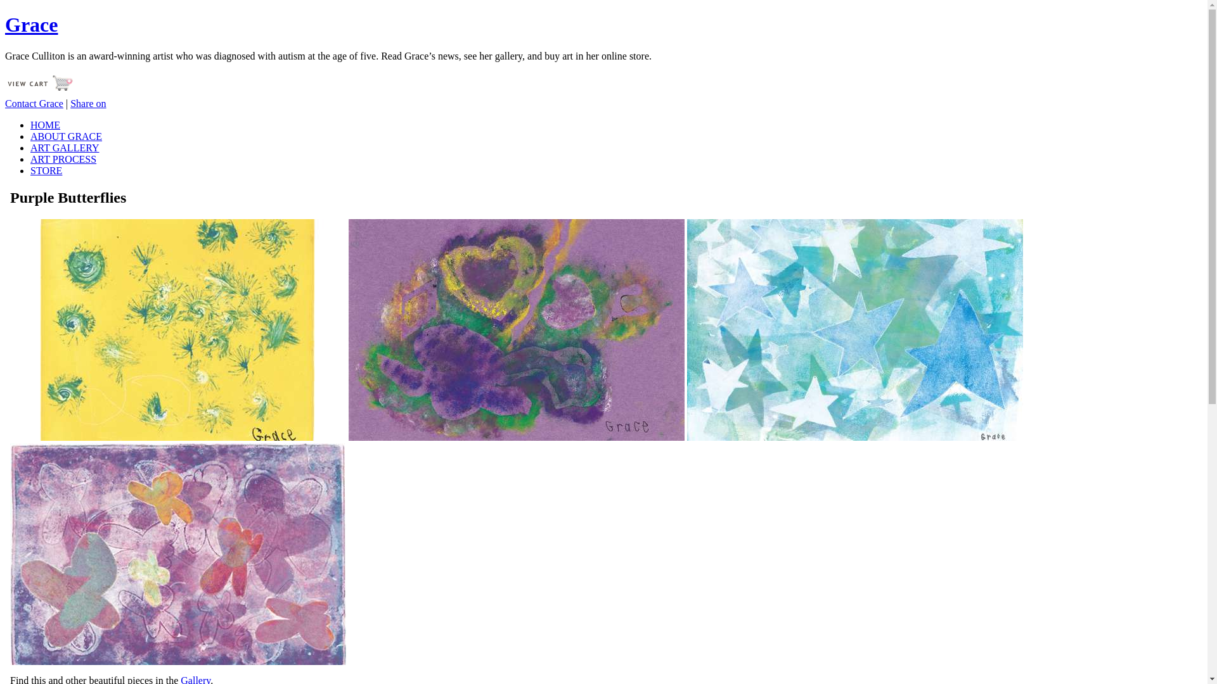 This screenshot has height=684, width=1217. I want to click on 'Share on', so click(69, 103).